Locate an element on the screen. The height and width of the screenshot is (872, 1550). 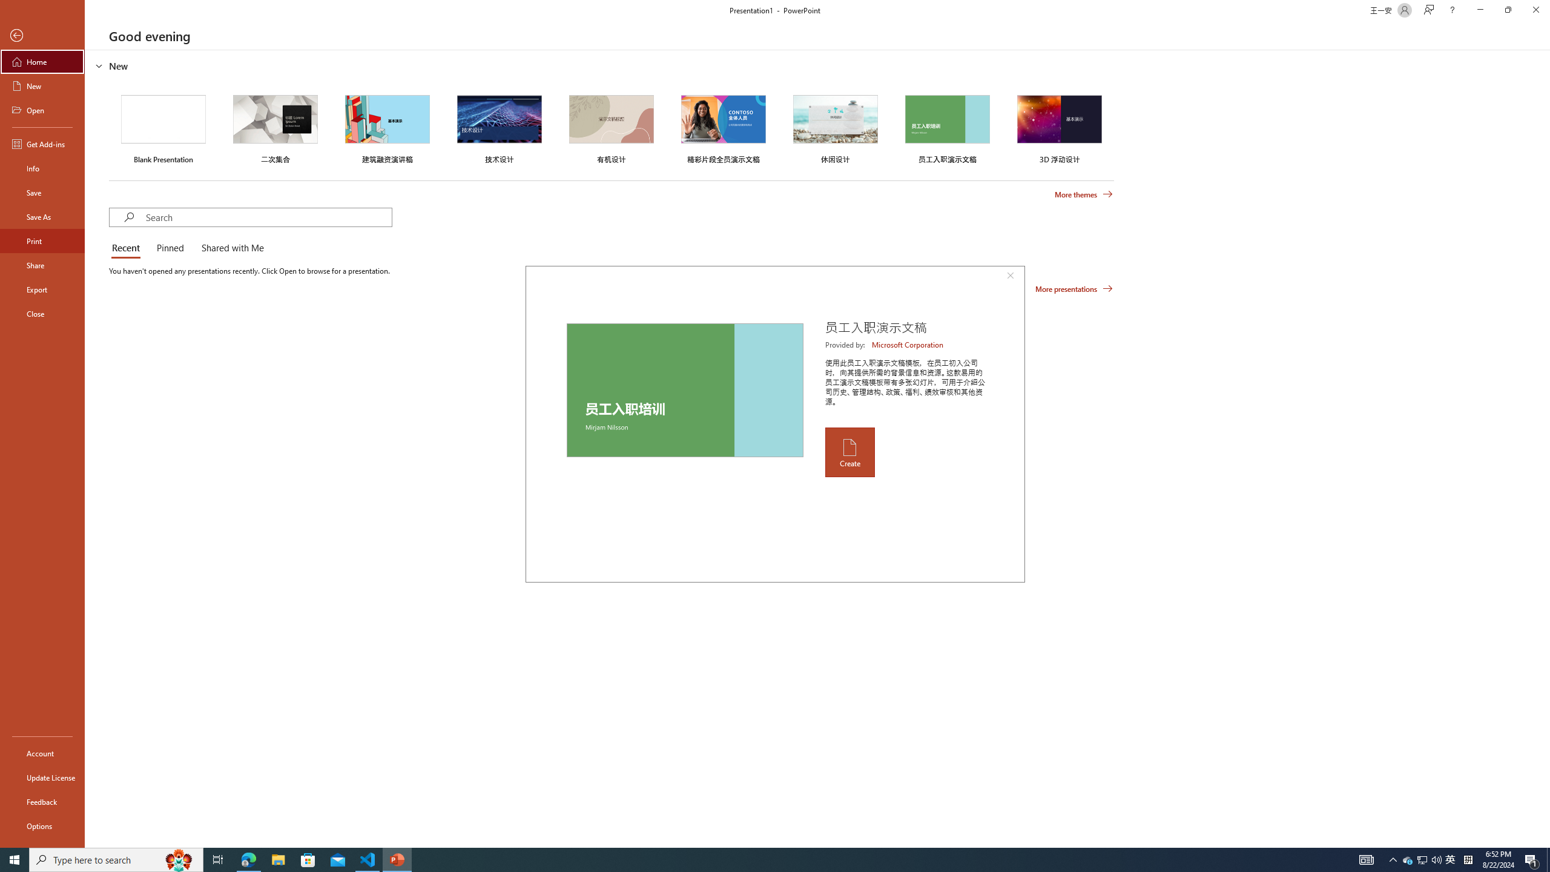
'Create' is located at coordinates (849, 452).